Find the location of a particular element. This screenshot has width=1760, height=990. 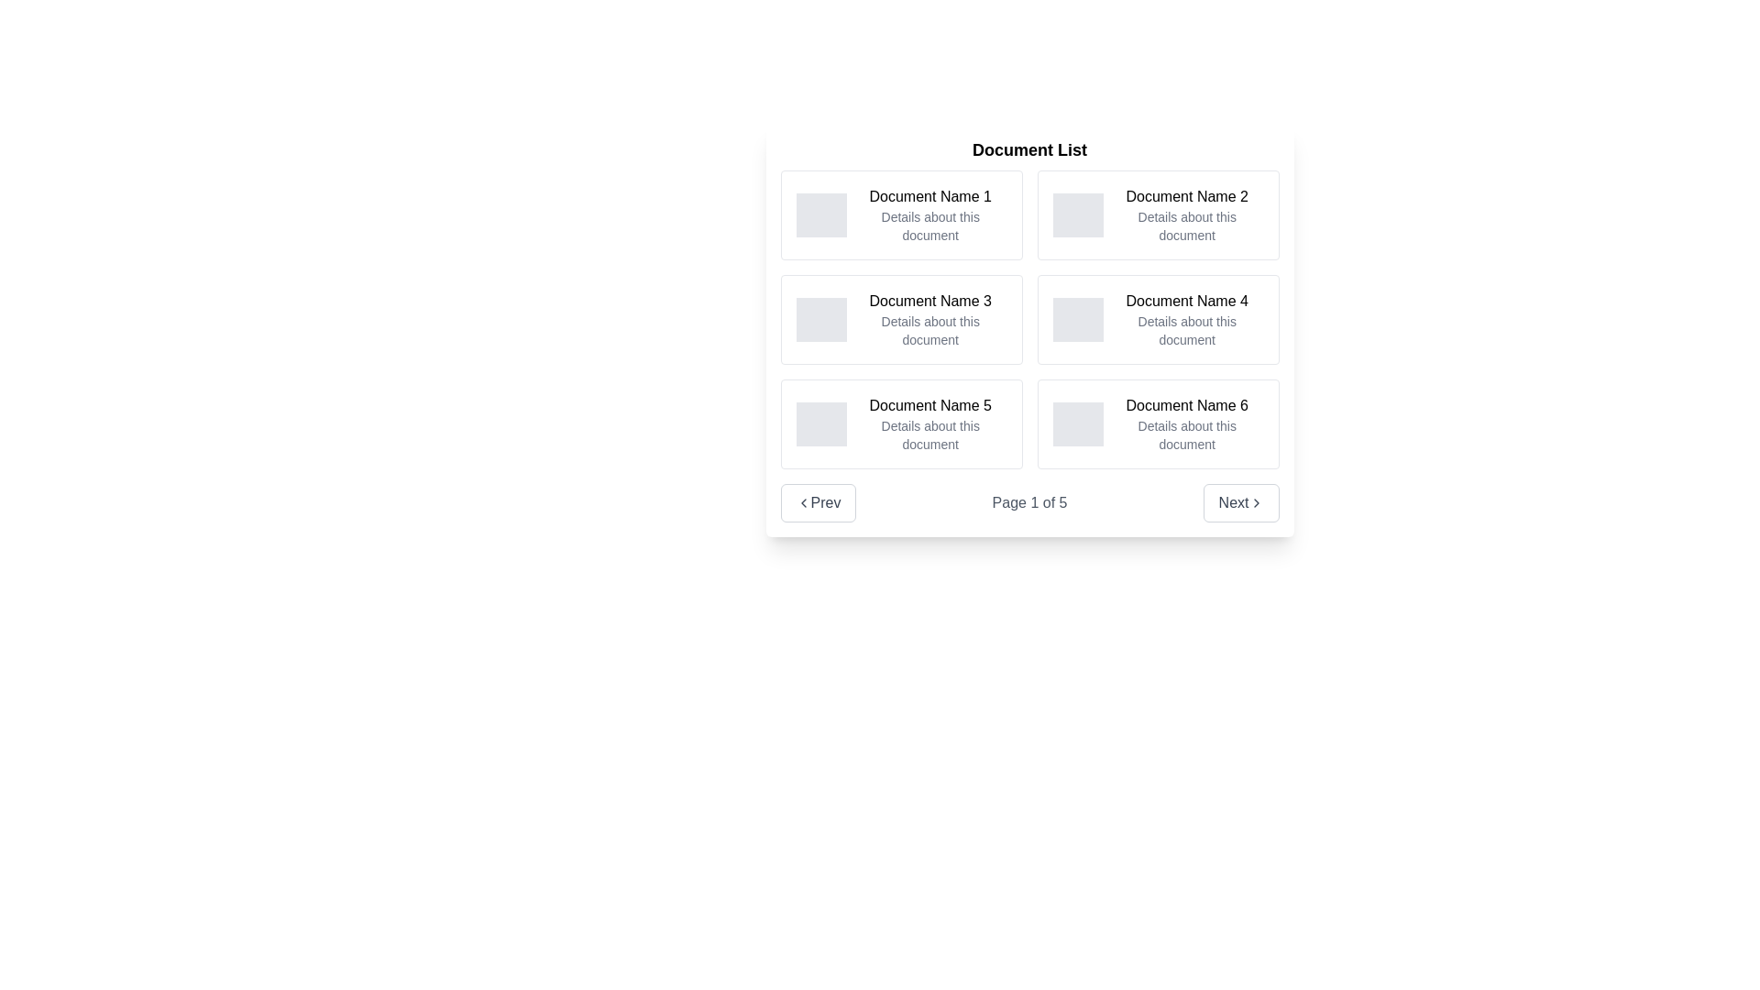

the Text Label that serves as the title or identifier for the document in the Document List, located in the top-left of the grid layout within its card component is located at coordinates (930, 197).